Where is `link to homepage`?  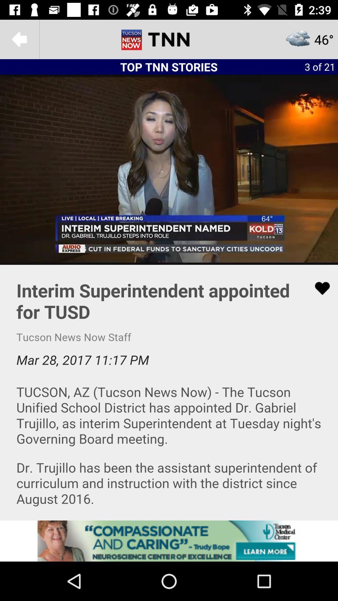 link to homepage is located at coordinates (169, 39).